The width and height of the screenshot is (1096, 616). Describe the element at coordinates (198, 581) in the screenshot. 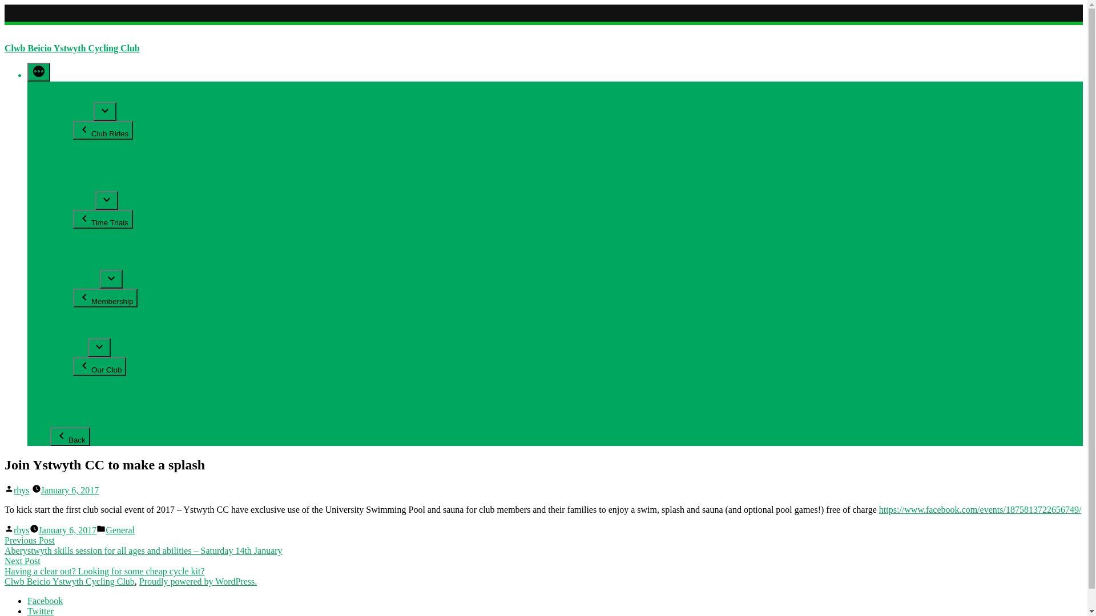

I see `'Proudly powered by WordPress.'` at that location.